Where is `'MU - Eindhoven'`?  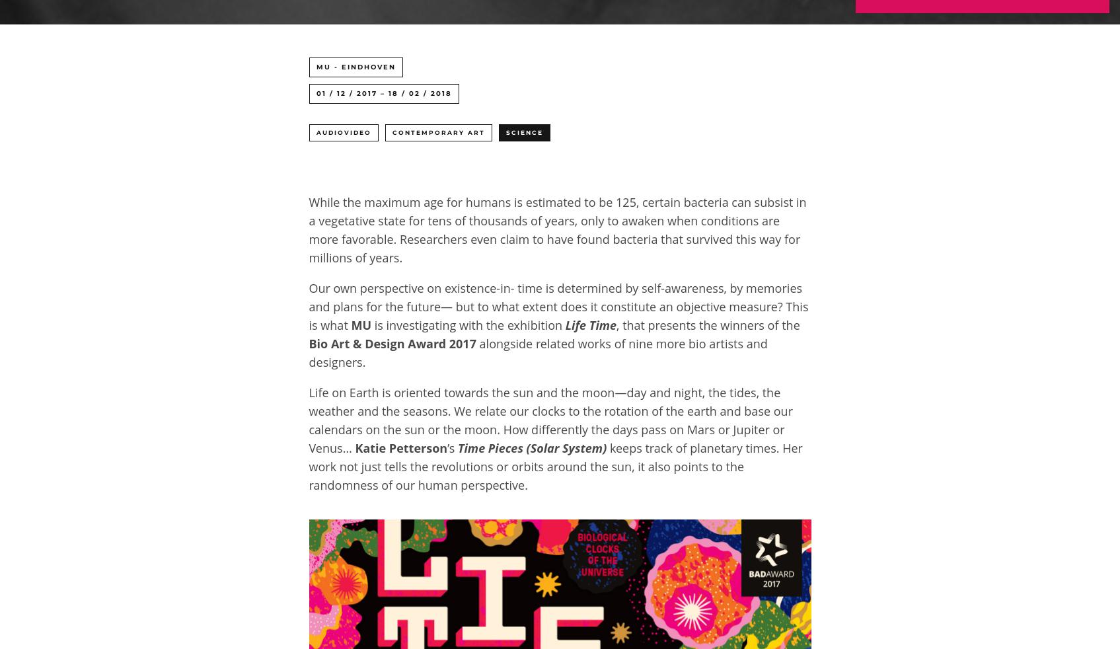
'MU - Eindhoven' is located at coordinates (315, 66).